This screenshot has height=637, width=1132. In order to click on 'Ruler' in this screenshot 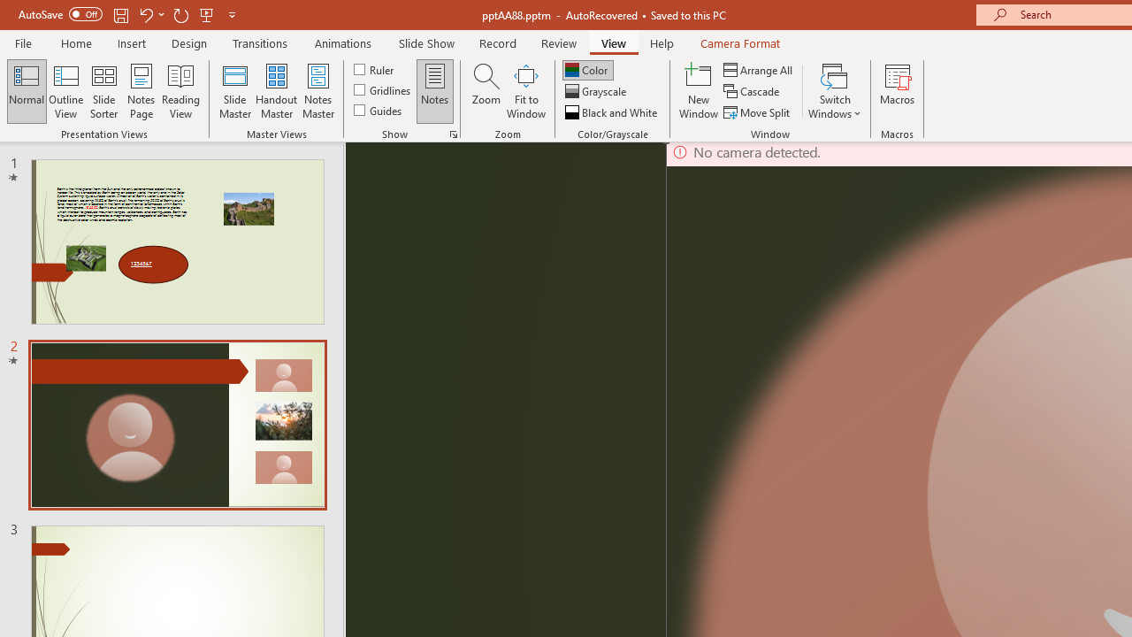, I will do `click(374, 68)`.